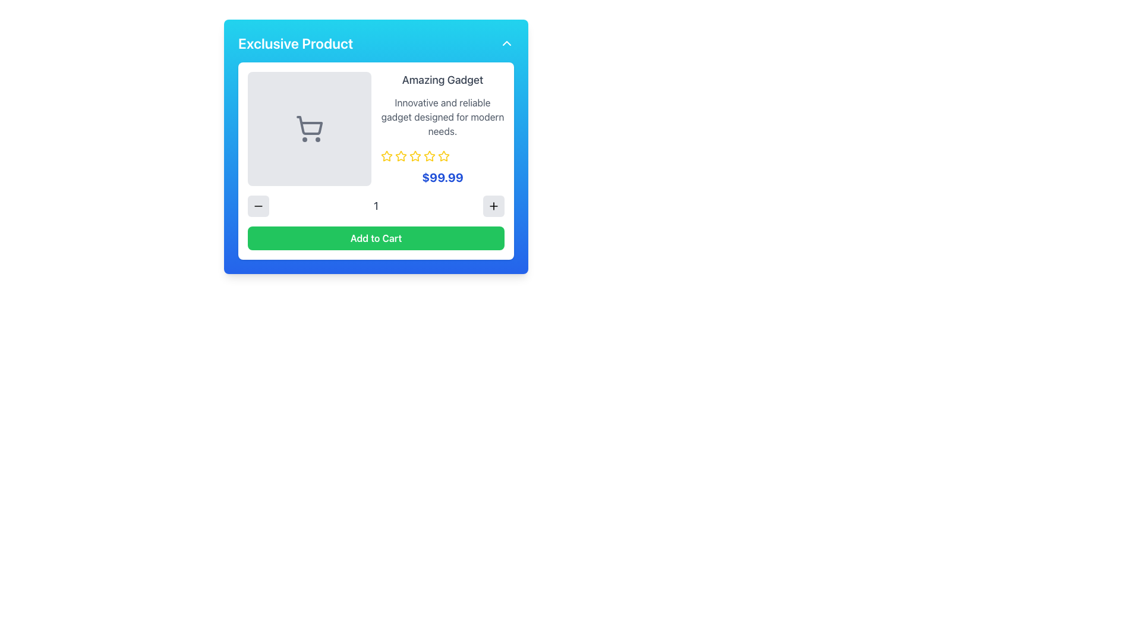 The width and height of the screenshot is (1141, 642). I want to click on the button located in the top-right corner of the card-like section, which allows upward navigation or collapses an expanded section, so click(507, 43).